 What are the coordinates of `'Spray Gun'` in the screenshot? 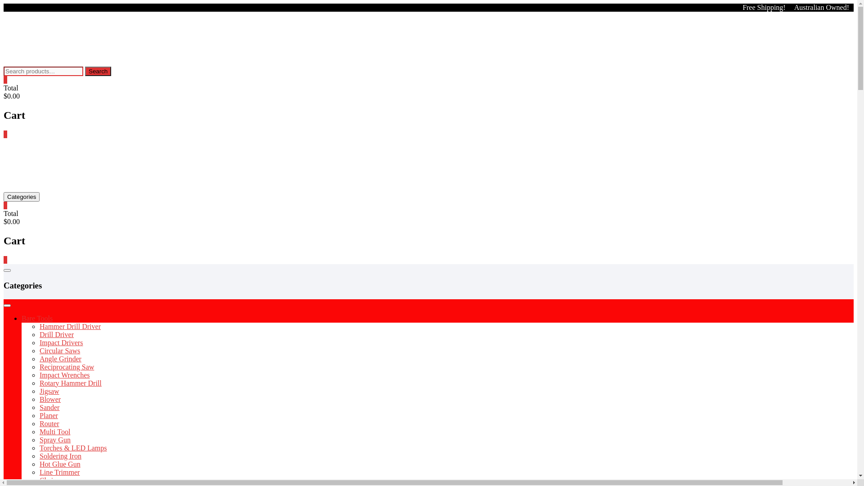 It's located at (54, 439).